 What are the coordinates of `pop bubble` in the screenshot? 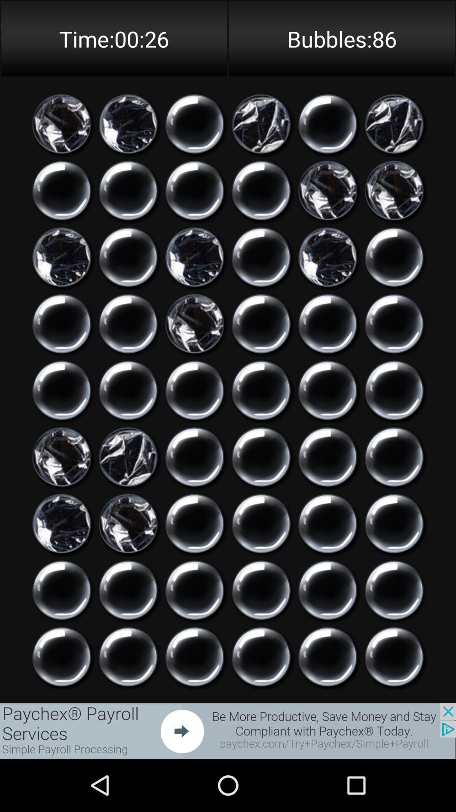 It's located at (195, 590).